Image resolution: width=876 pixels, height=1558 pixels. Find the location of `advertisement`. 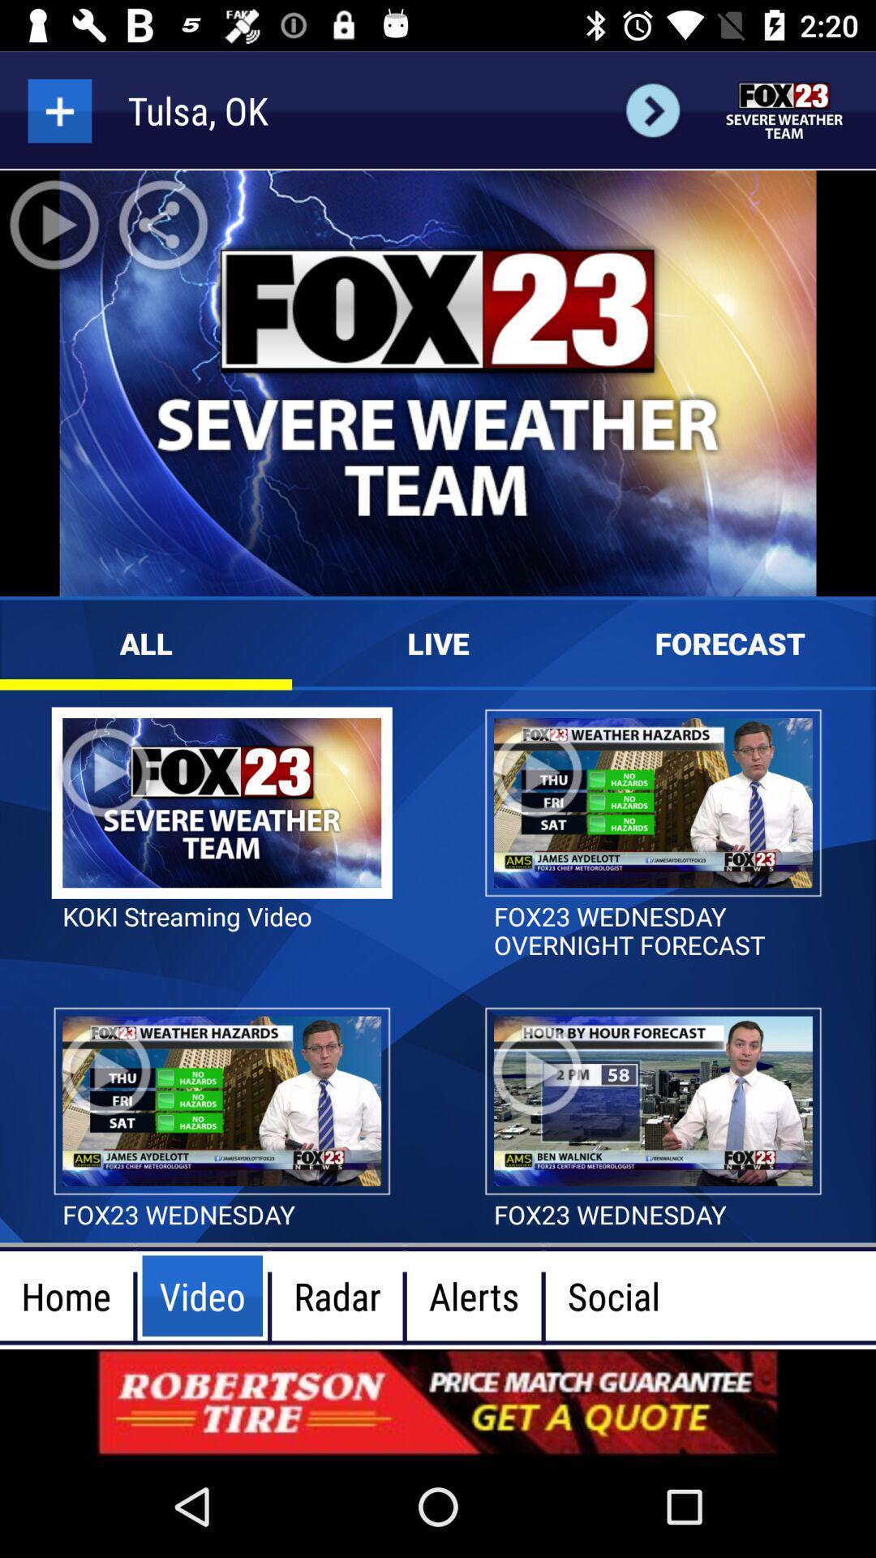

advertisement is located at coordinates (438, 1401).